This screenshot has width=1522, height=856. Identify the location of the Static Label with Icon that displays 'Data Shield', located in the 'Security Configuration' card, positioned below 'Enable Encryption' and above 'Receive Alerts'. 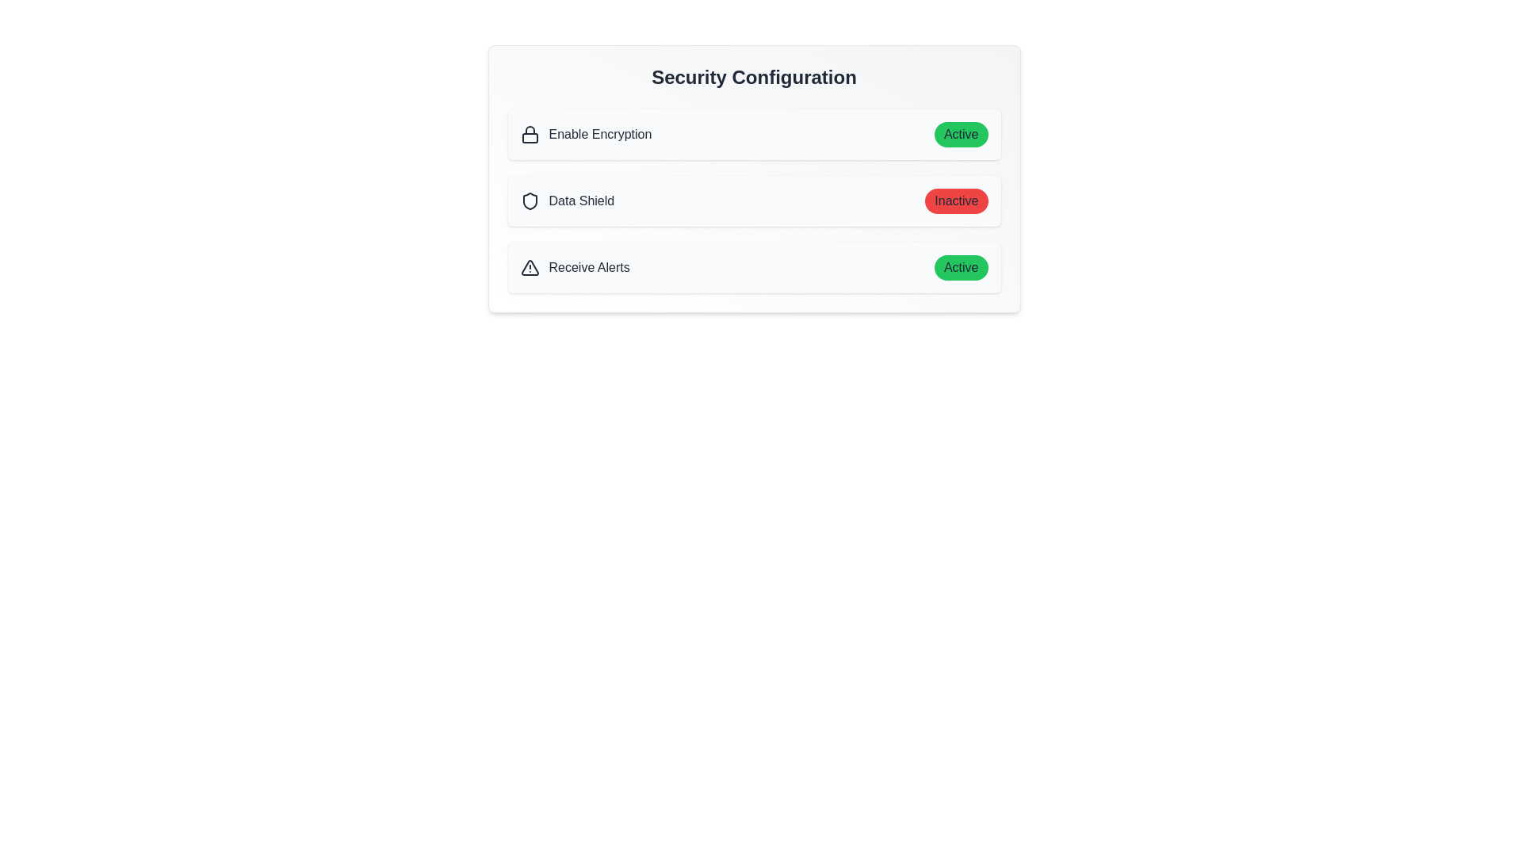
(567, 201).